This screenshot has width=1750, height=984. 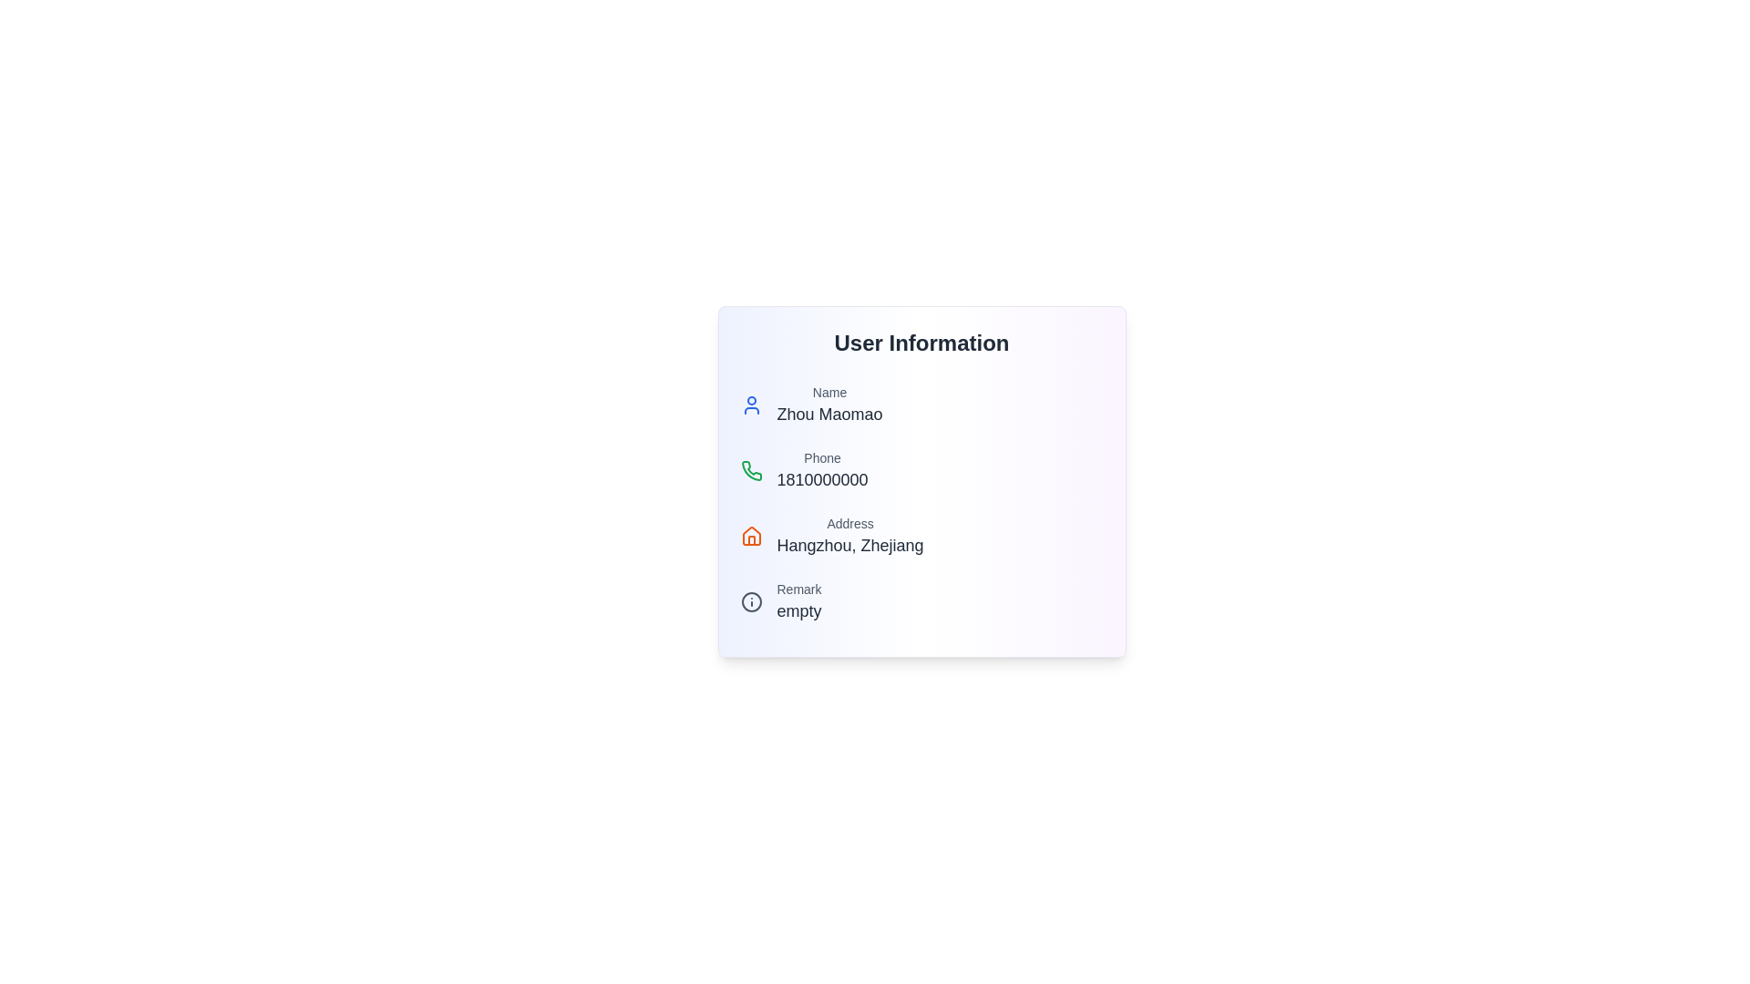 I want to click on the green, stylized phone icon that represents contact information, which is centrally aligned to the left of the phone number, so click(x=751, y=469).